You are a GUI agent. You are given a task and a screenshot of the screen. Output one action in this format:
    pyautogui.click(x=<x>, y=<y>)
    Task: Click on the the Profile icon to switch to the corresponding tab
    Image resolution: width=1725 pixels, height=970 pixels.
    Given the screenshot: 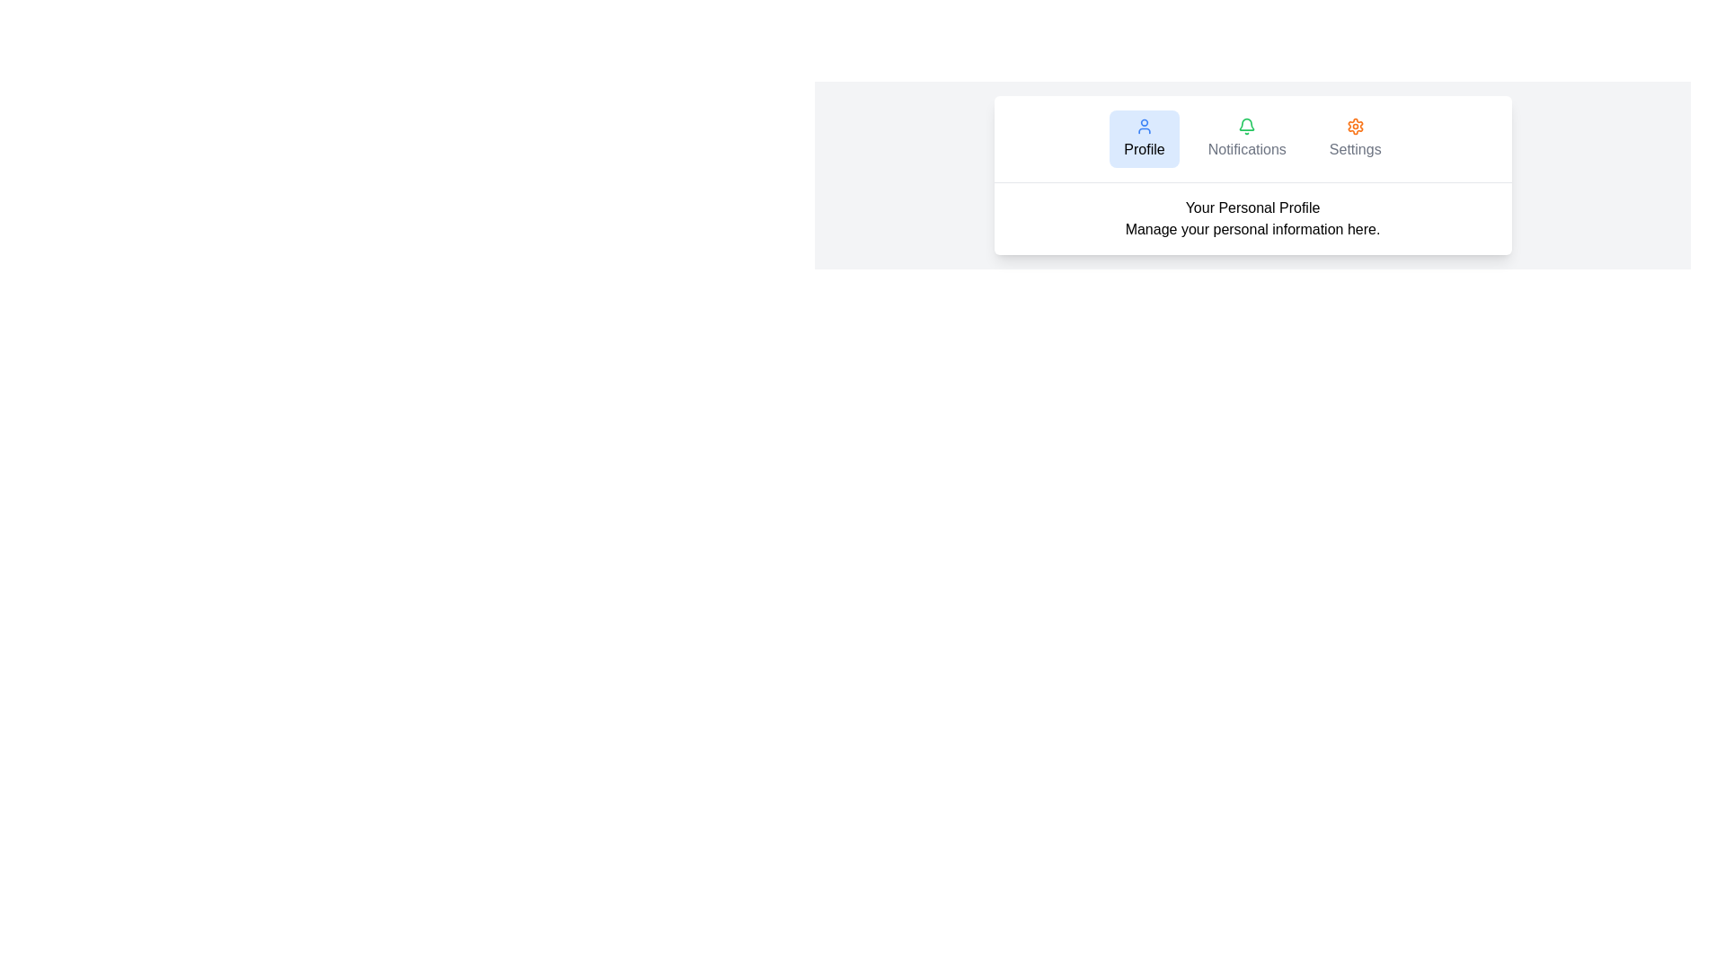 What is the action you would take?
    pyautogui.click(x=1143, y=126)
    